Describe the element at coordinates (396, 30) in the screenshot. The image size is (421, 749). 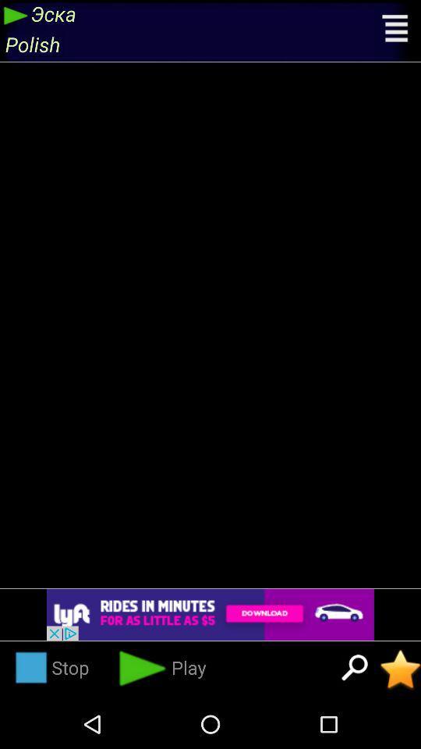
I see `open menu` at that location.